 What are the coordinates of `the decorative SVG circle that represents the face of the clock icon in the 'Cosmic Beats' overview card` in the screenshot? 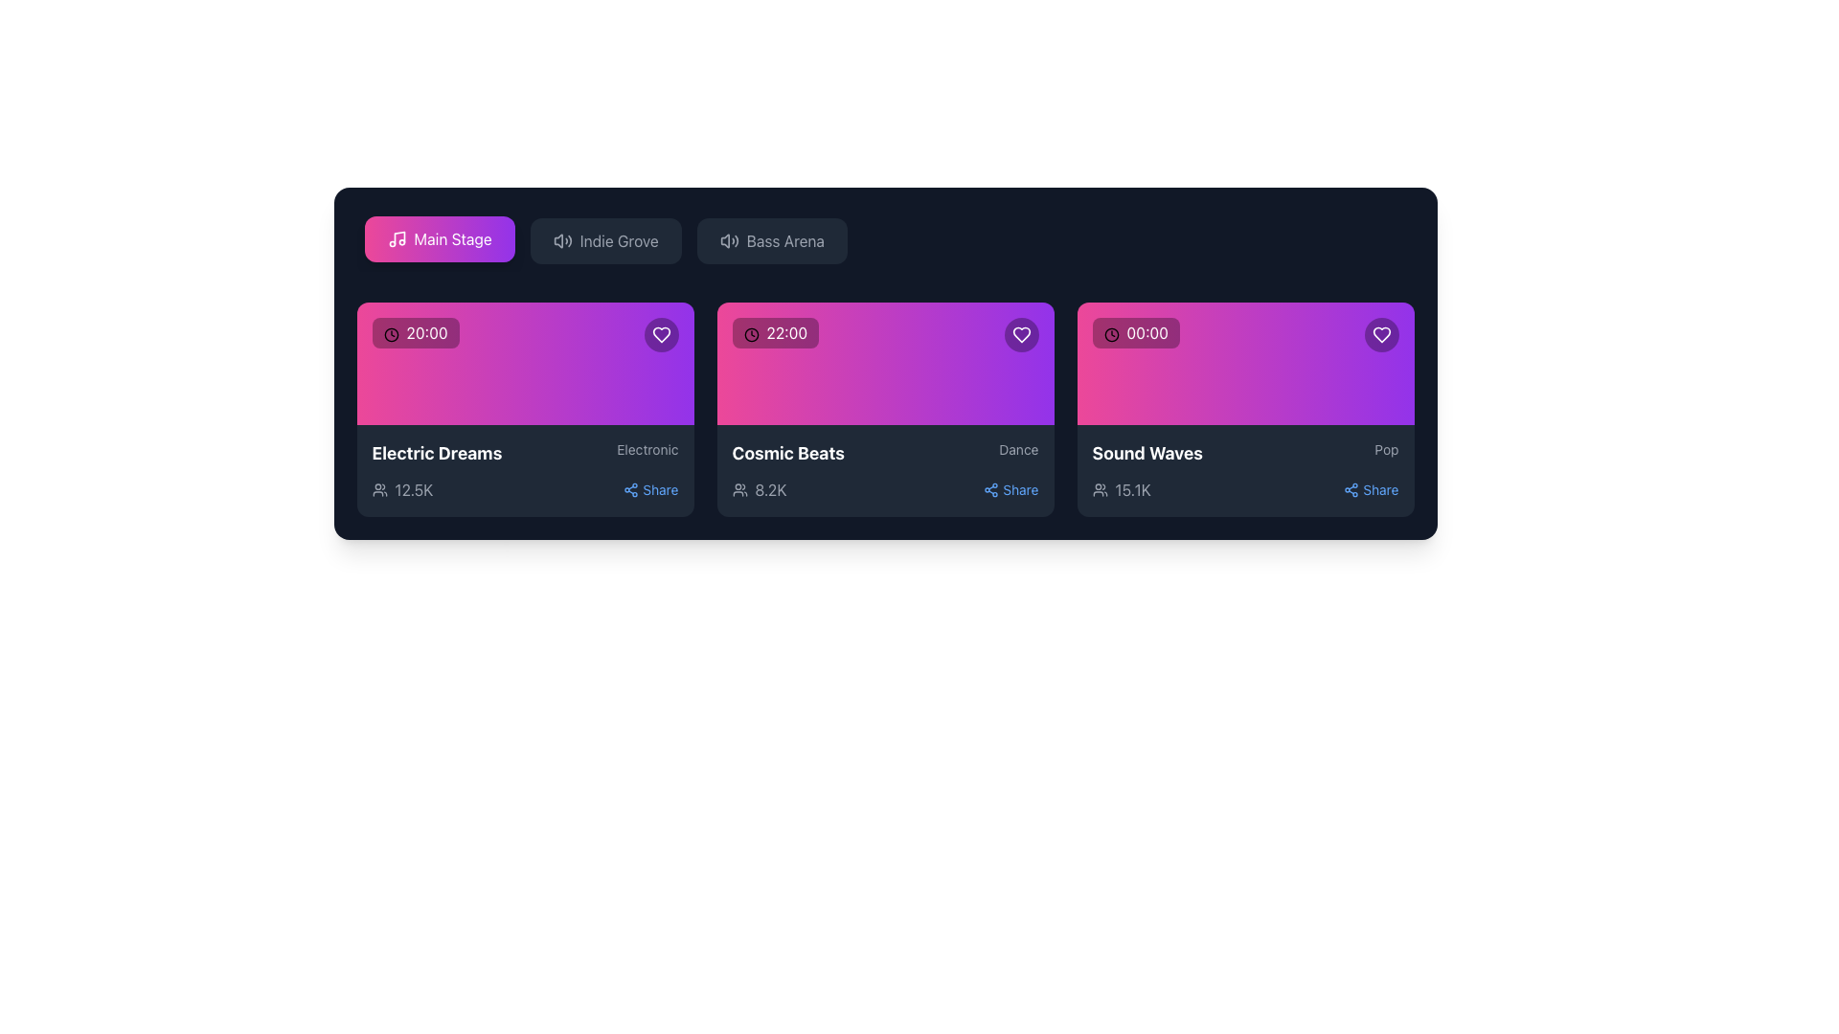 It's located at (750, 333).